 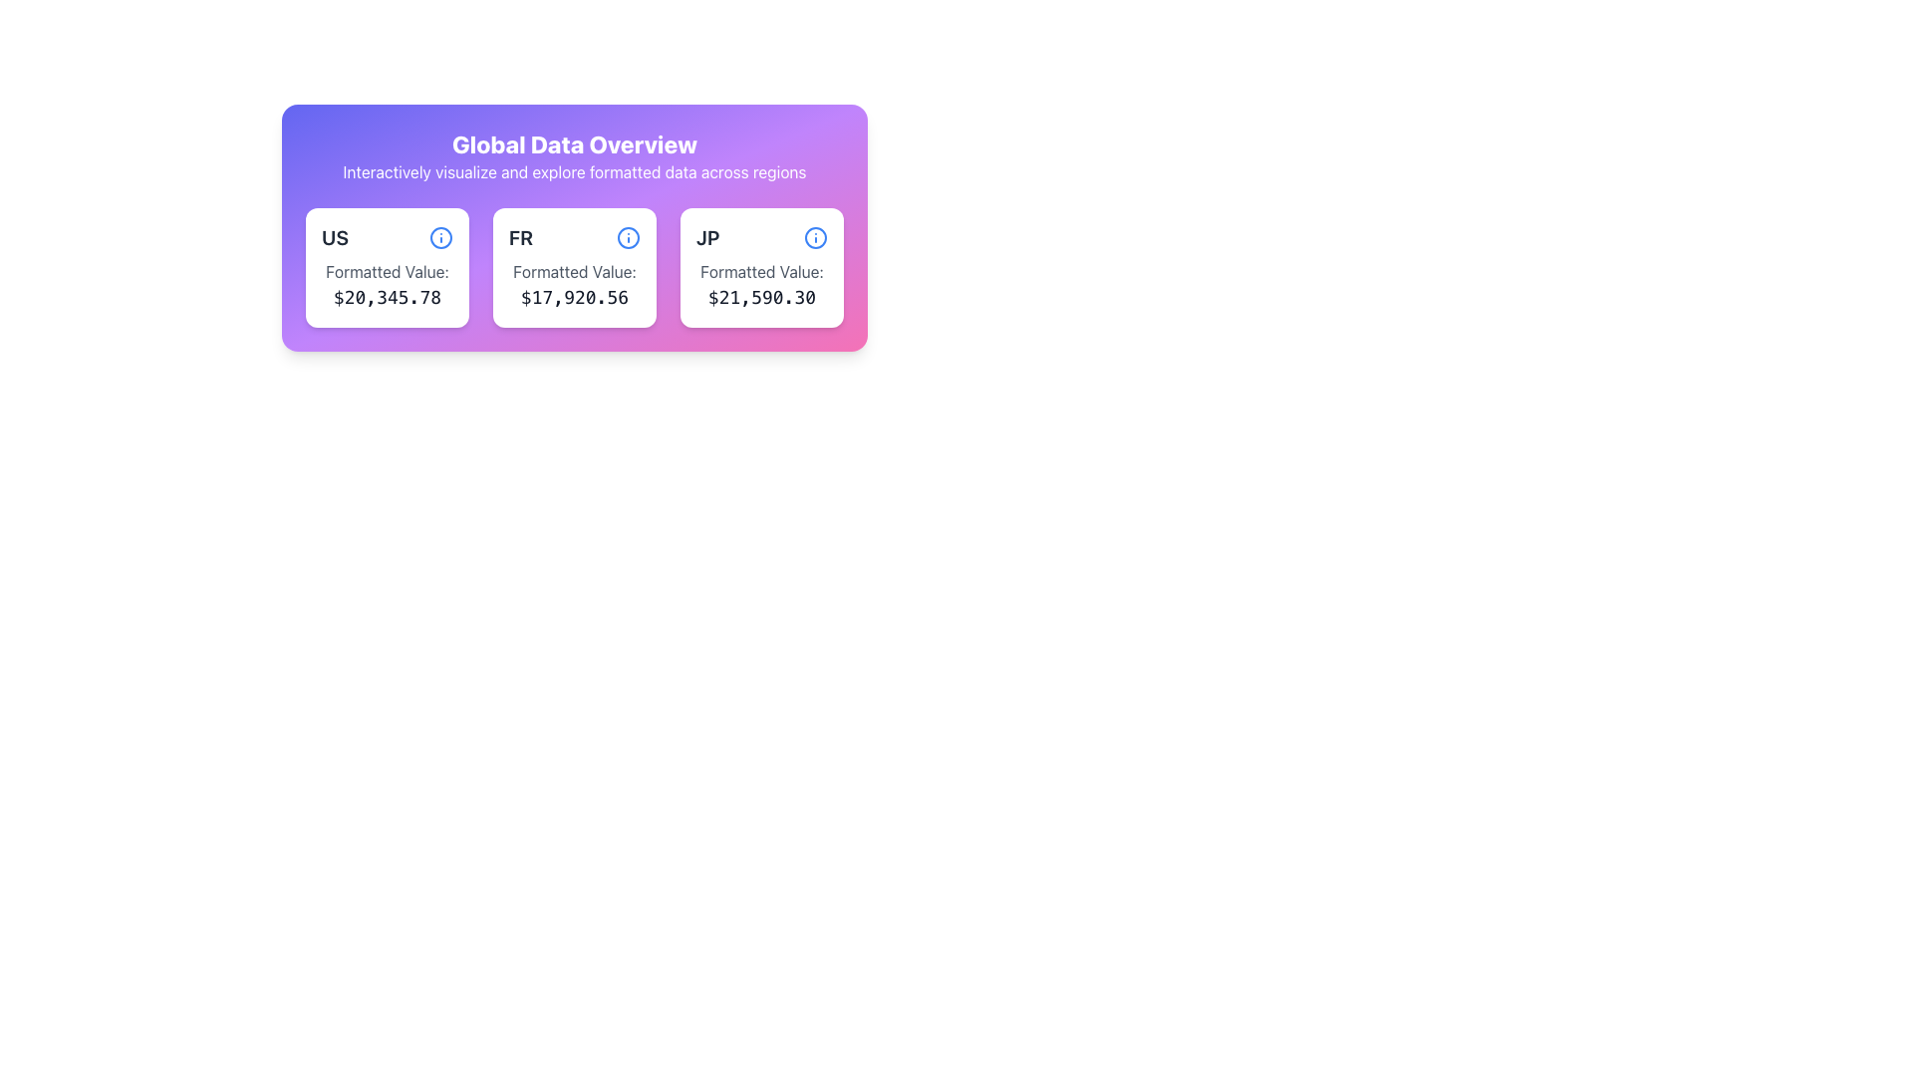 I want to click on the information icon located on the far right of the 'US' label, so click(x=439, y=237).